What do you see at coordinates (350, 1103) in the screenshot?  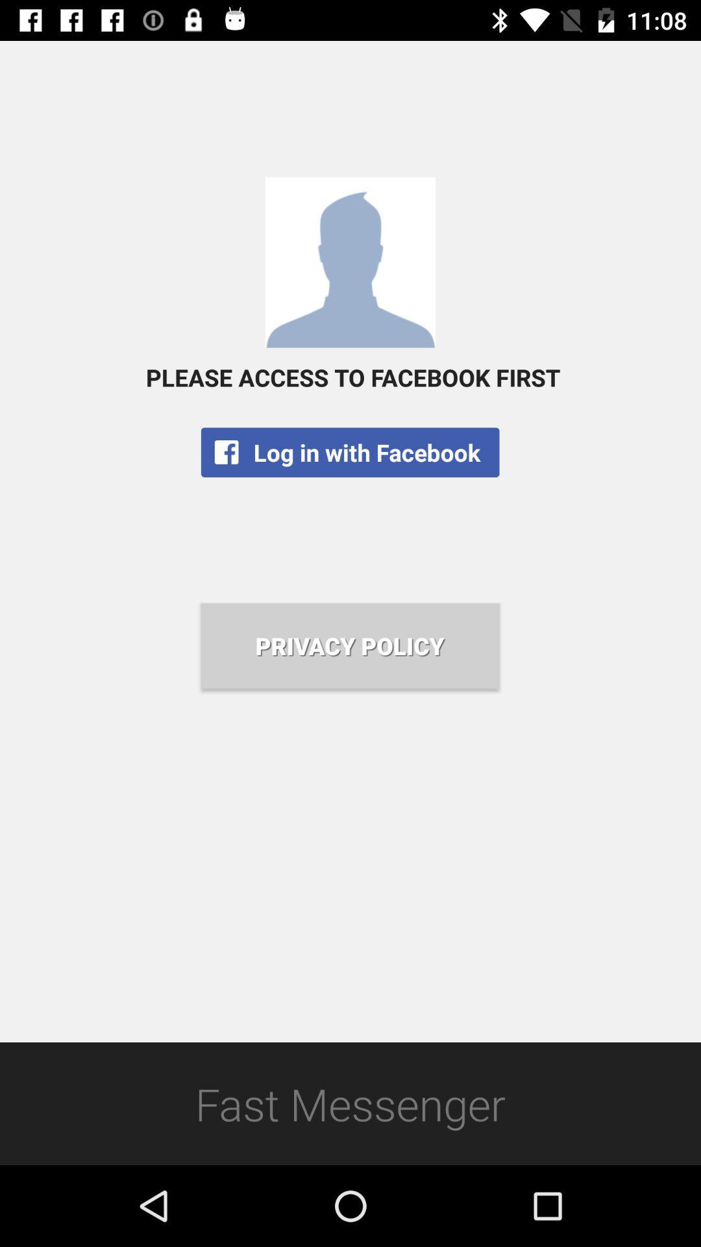 I see `the fast messenger item` at bounding box center [350, 1103].